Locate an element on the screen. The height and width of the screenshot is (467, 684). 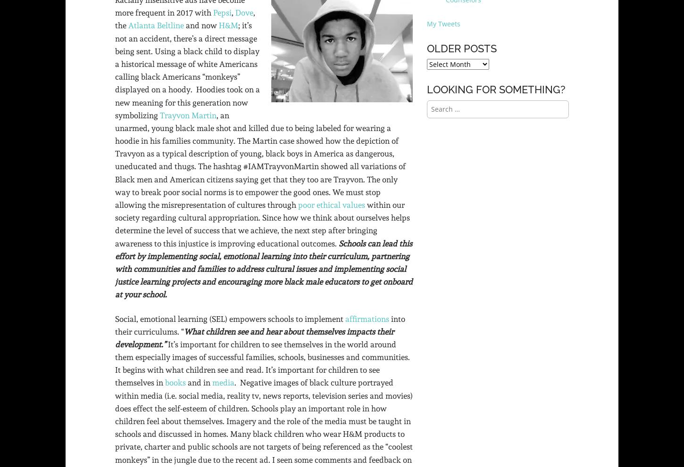
'Trayvon Martin' is located at coordinates (160, 115).